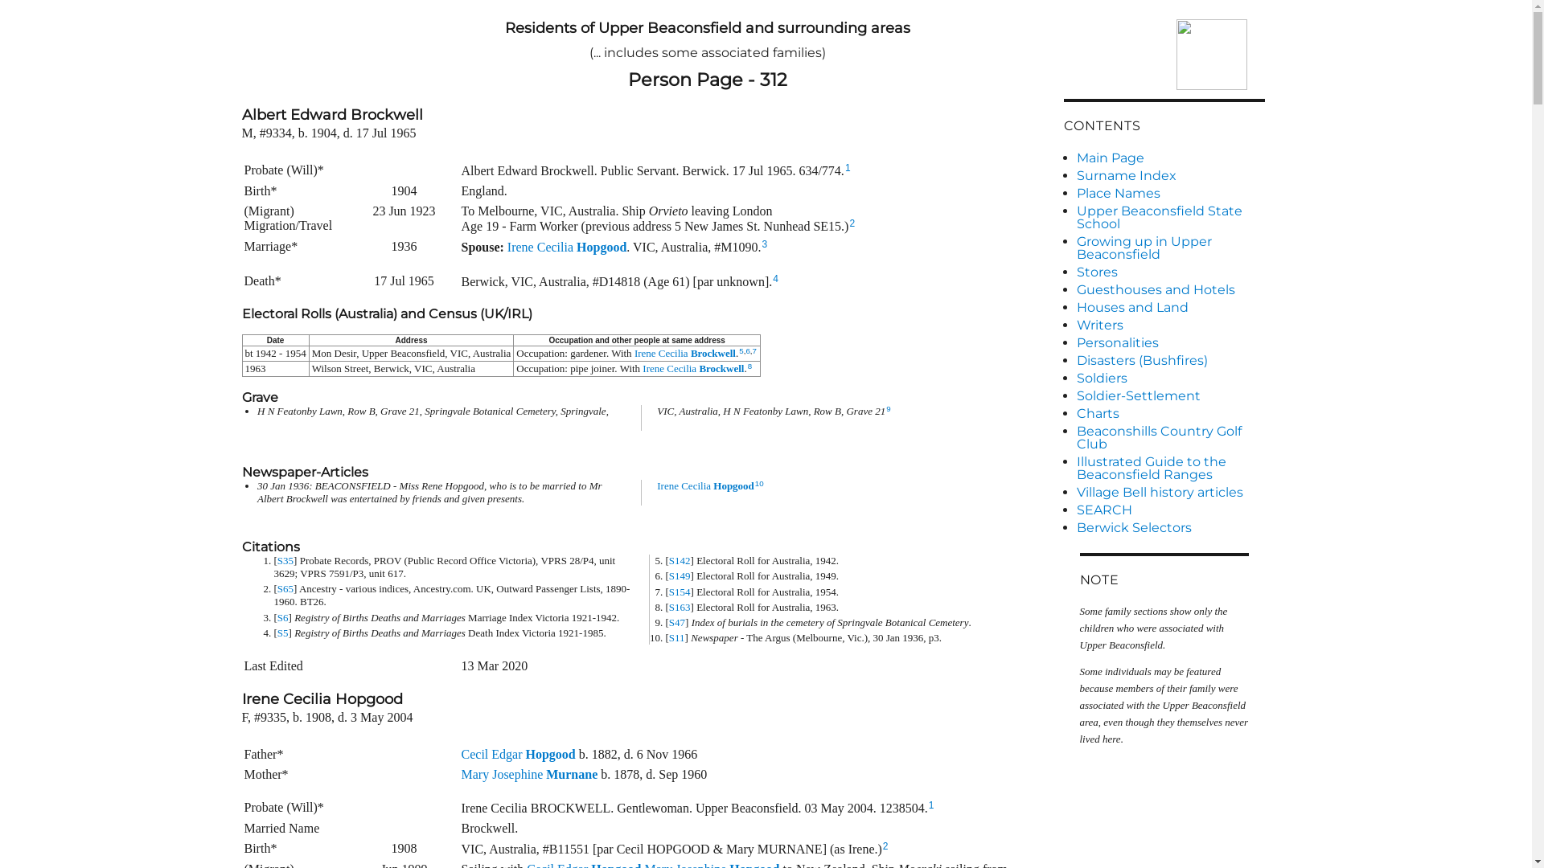 Image resolution: width=1544 pixels, height=868 pixels. What do you see at coordinates (1169, 248) in the screenshot?
I see `'Growing up in Upper Beaconsfield'` at bounding box center [1169, 248].